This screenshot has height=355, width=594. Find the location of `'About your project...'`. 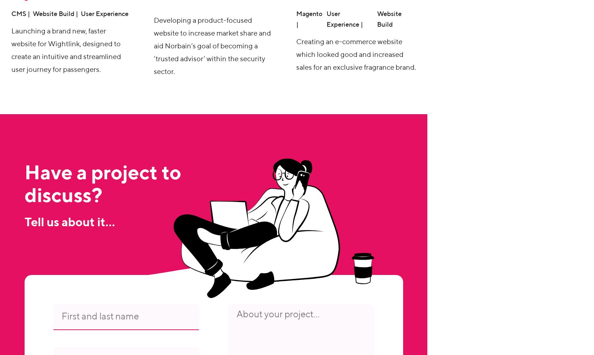

'About your project...' is located at coordinates (277, 314).